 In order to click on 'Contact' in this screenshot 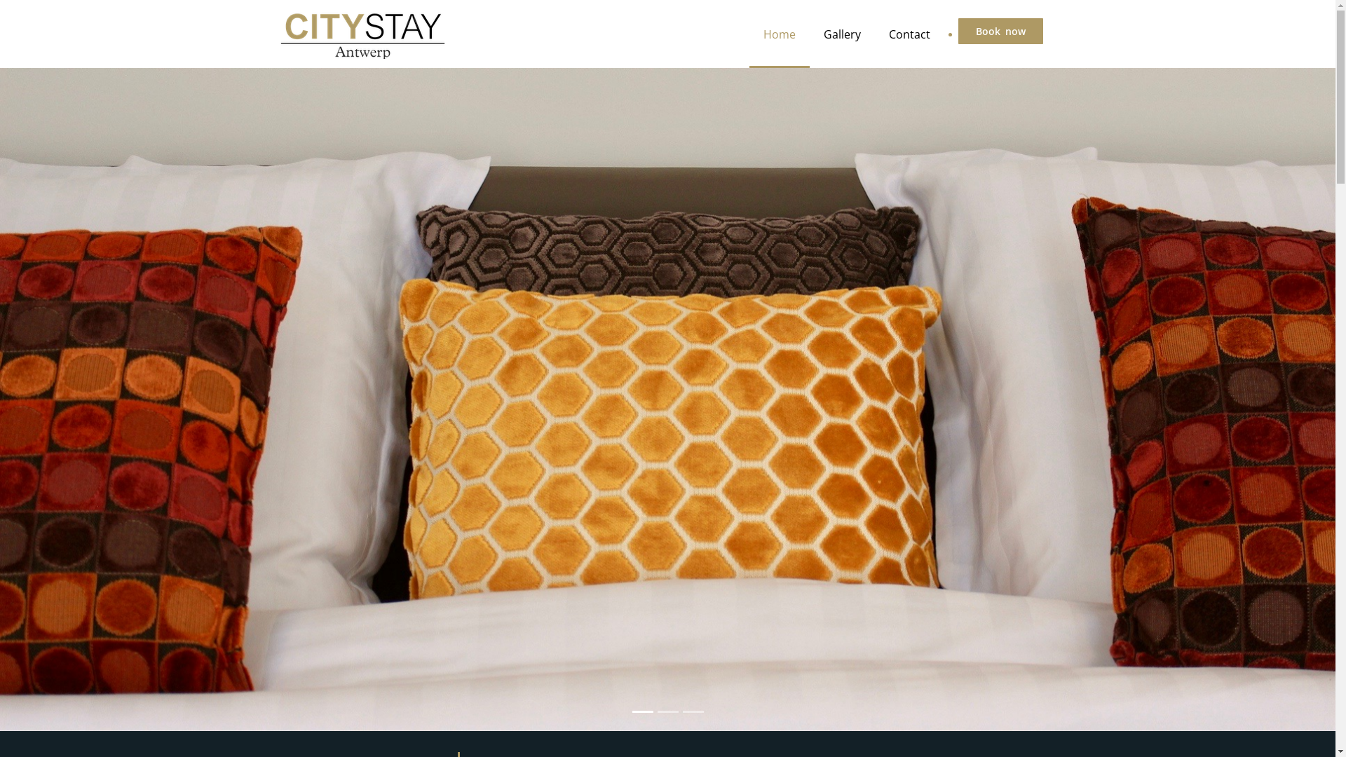, I will do `click(909, 33)`.